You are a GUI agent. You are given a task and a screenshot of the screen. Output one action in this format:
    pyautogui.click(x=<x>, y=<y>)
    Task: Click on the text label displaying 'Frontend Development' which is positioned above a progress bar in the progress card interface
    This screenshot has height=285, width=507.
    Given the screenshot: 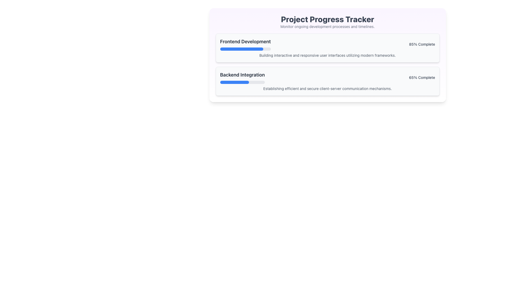 What is the action you would take?
    pyautogui.click(x=245, y=44)
    